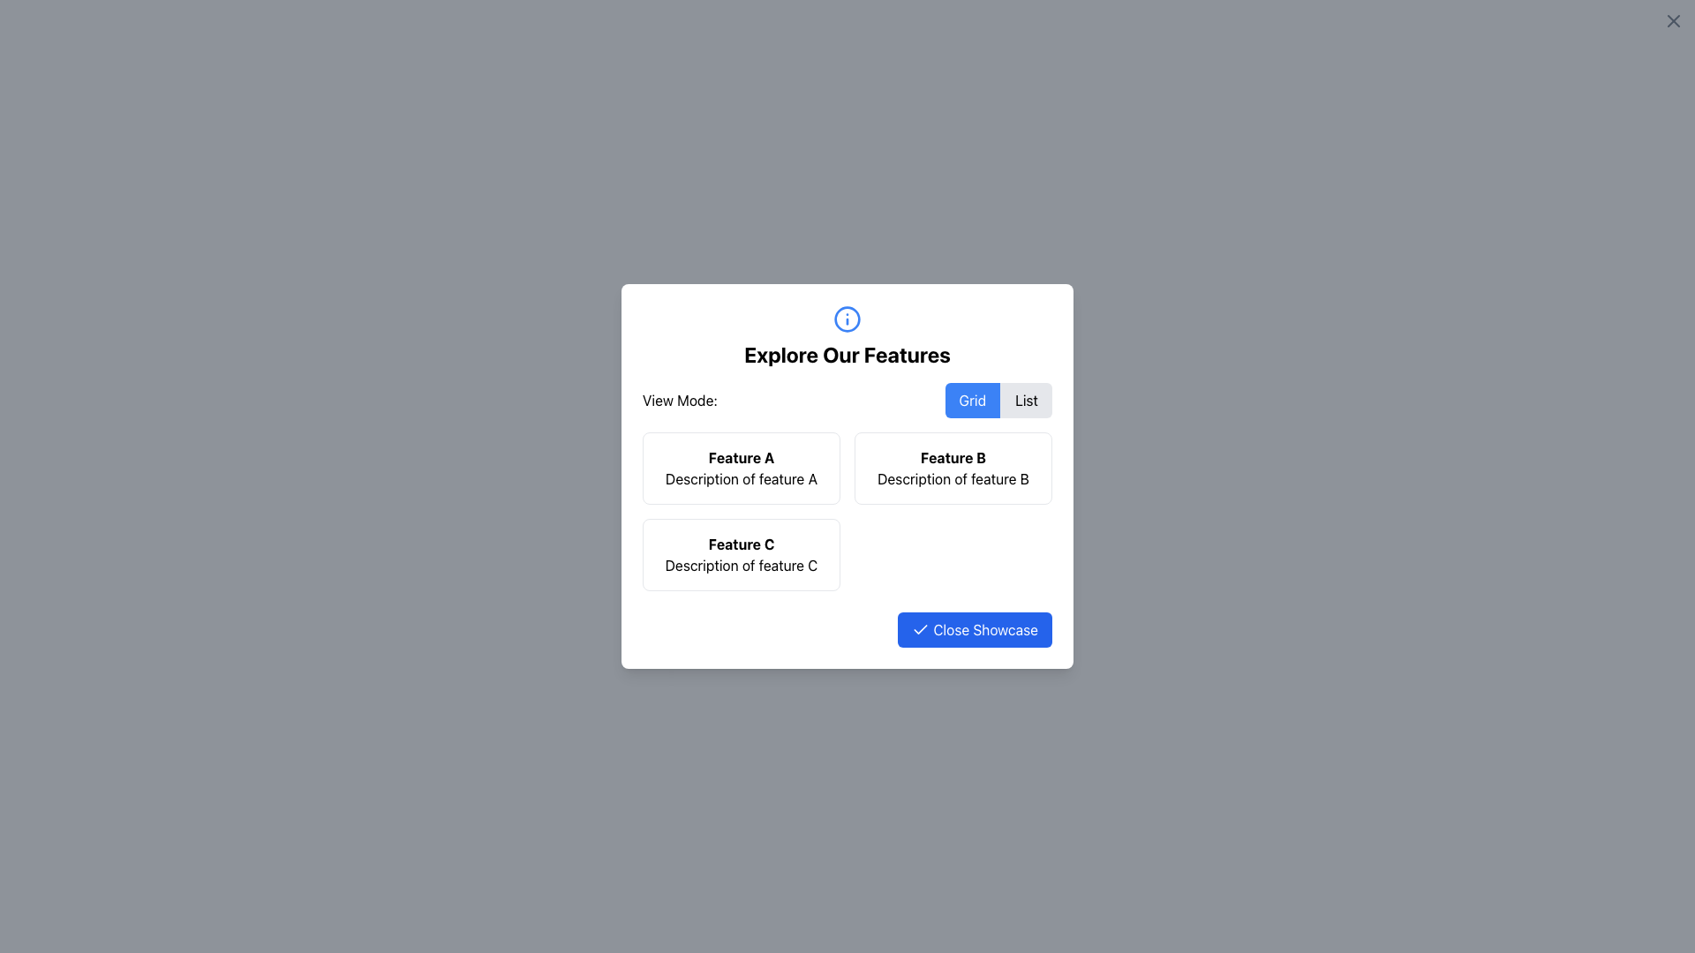 This screenshot has width=1695, height=953. What do you see at coordinates (847, 319) in the screenshot?
I see `the blue 'i' icon enclosed within a circular border, positioned above the header text 'Explore Our Features', to receive more information` at bounding box center [847, 319].